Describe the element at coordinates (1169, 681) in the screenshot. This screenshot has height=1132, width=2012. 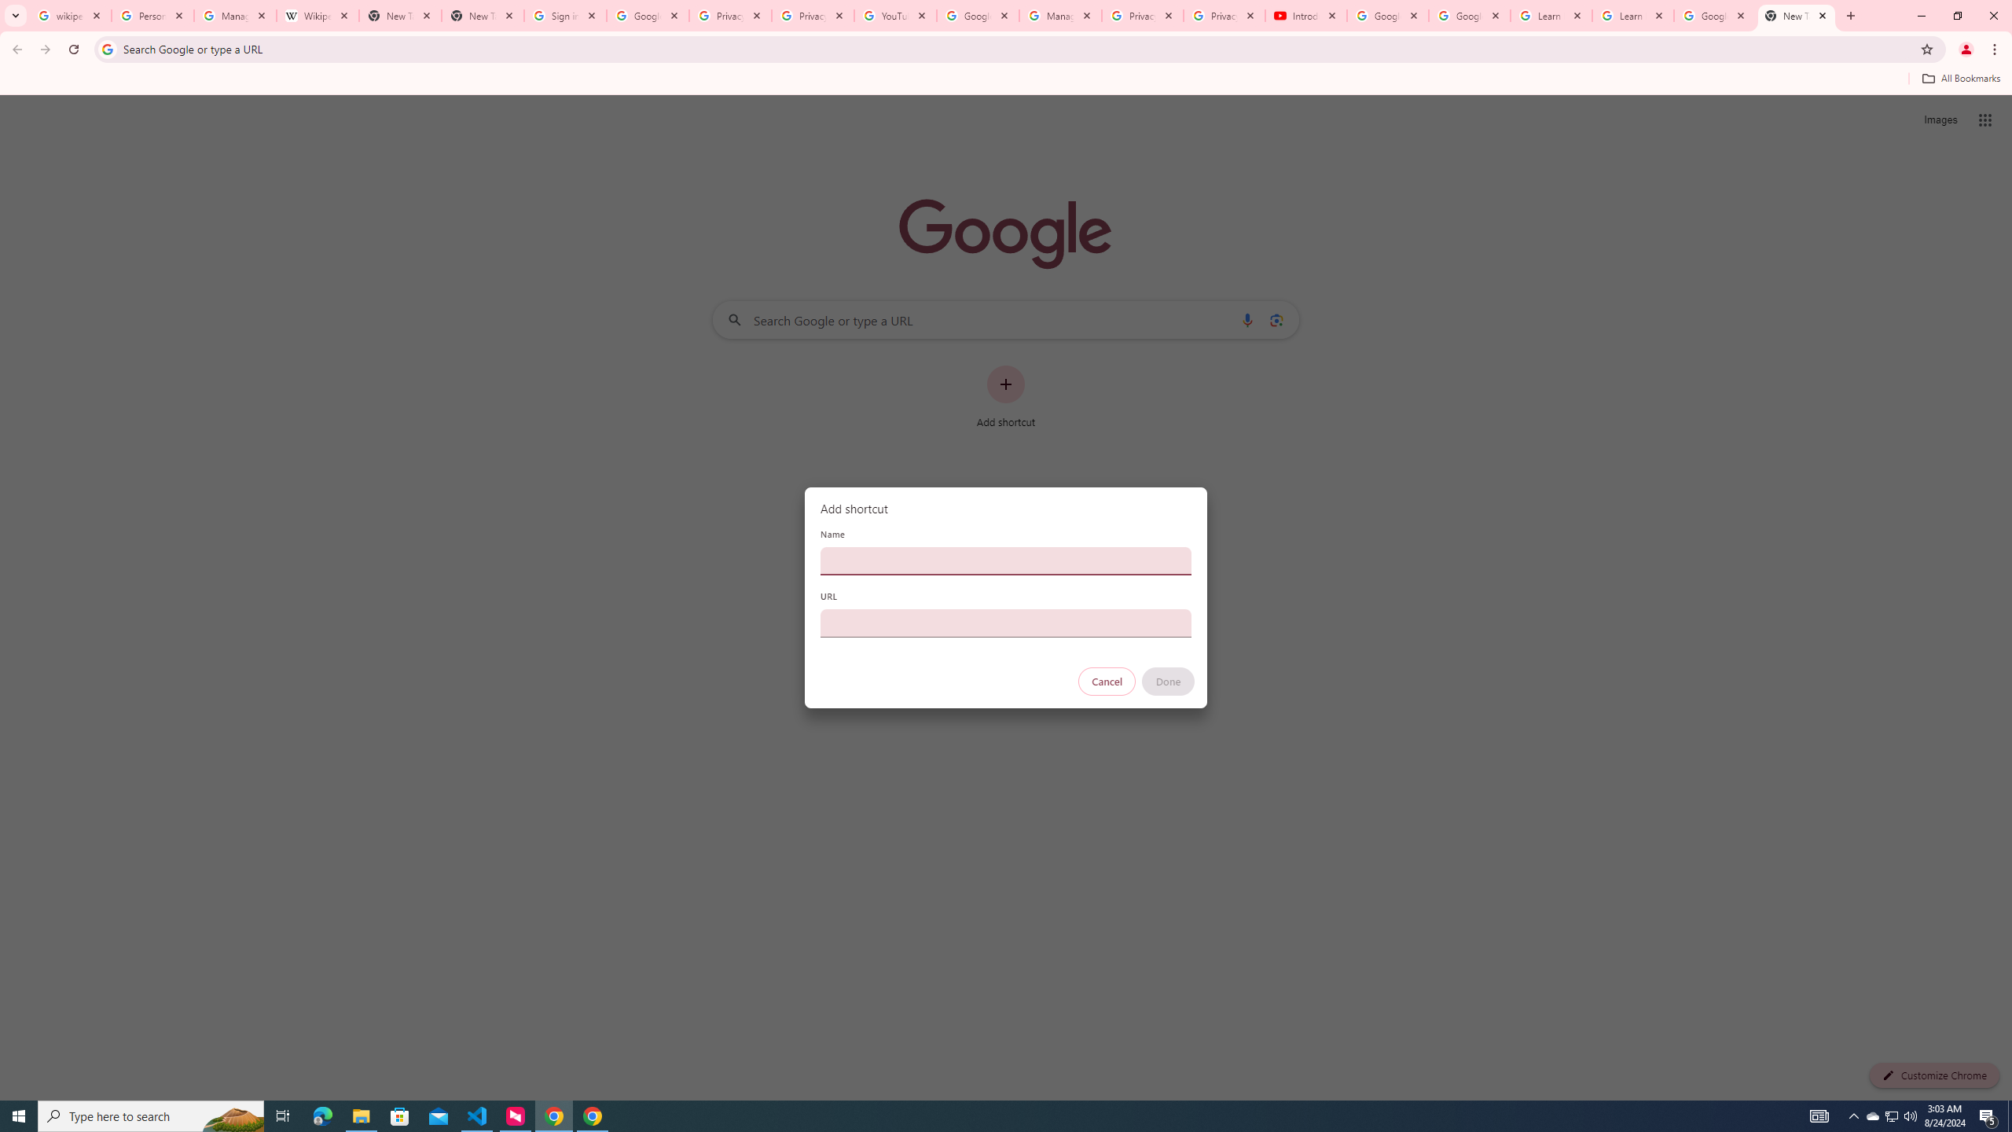
I see `'Done'` at that location.